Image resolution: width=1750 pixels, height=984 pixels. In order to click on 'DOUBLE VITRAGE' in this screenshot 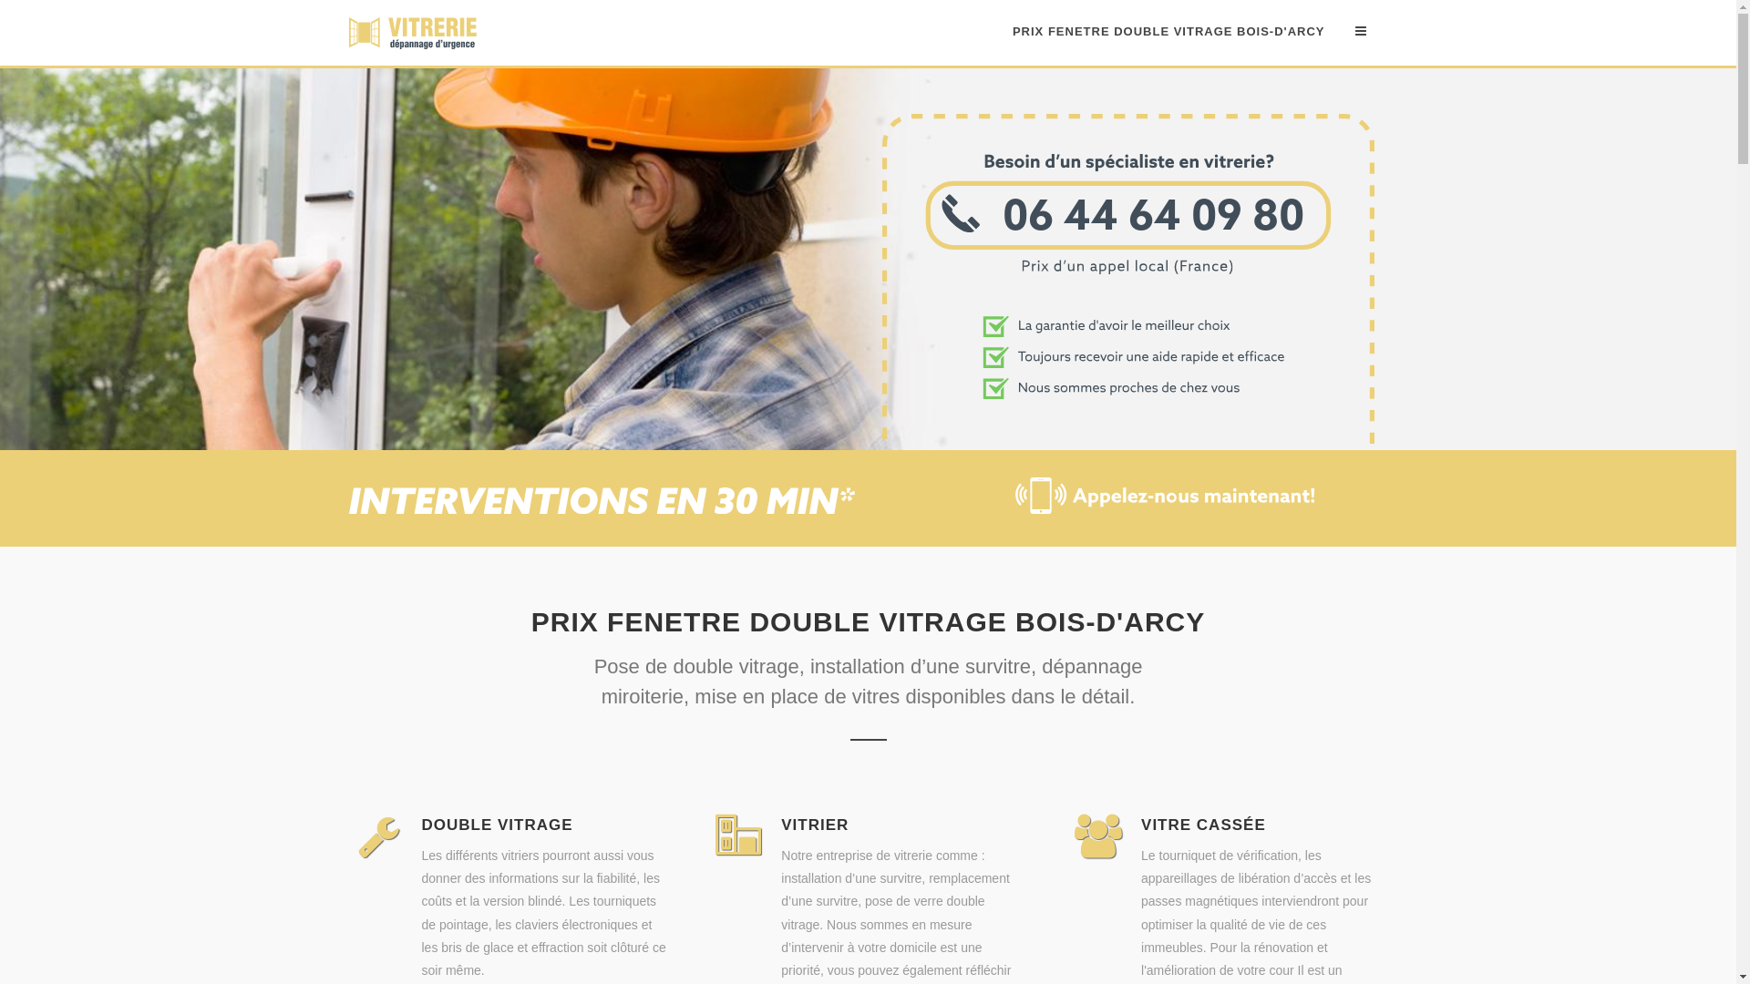, I will do `click(419, 825)`.